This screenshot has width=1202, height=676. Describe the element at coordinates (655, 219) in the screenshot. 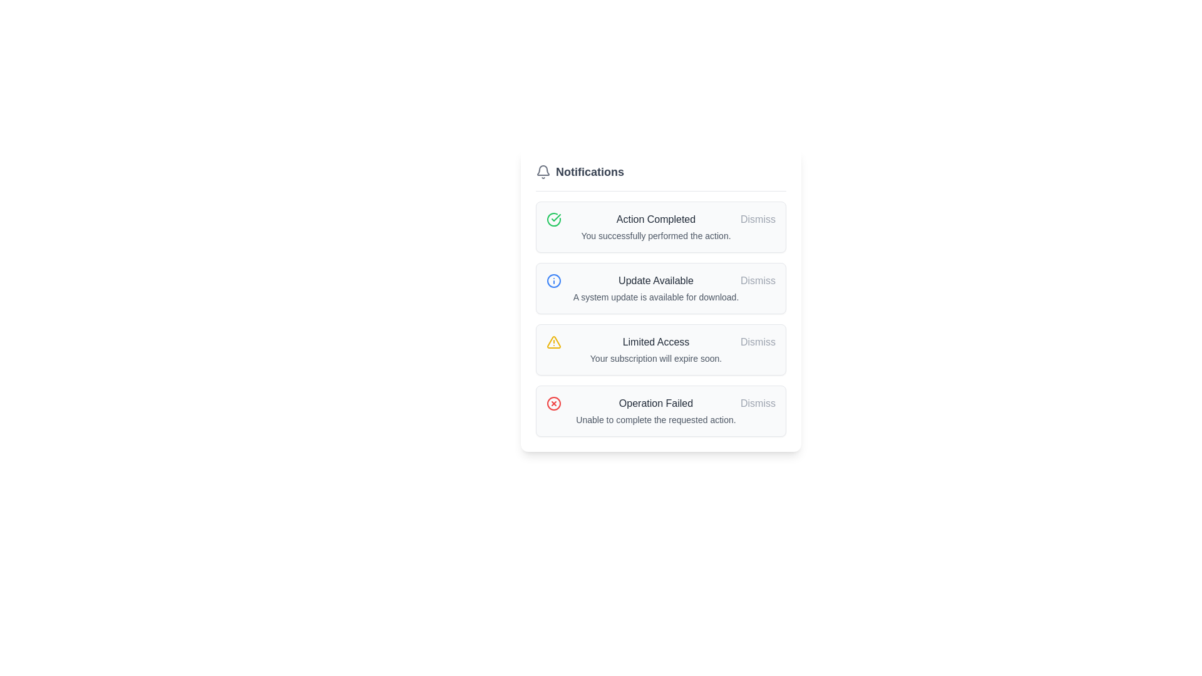

I see `text label displaying 'Action Completed' in dark gray, styled with a bold font, located in the topmost card of a vertical list of notifications` at that location.